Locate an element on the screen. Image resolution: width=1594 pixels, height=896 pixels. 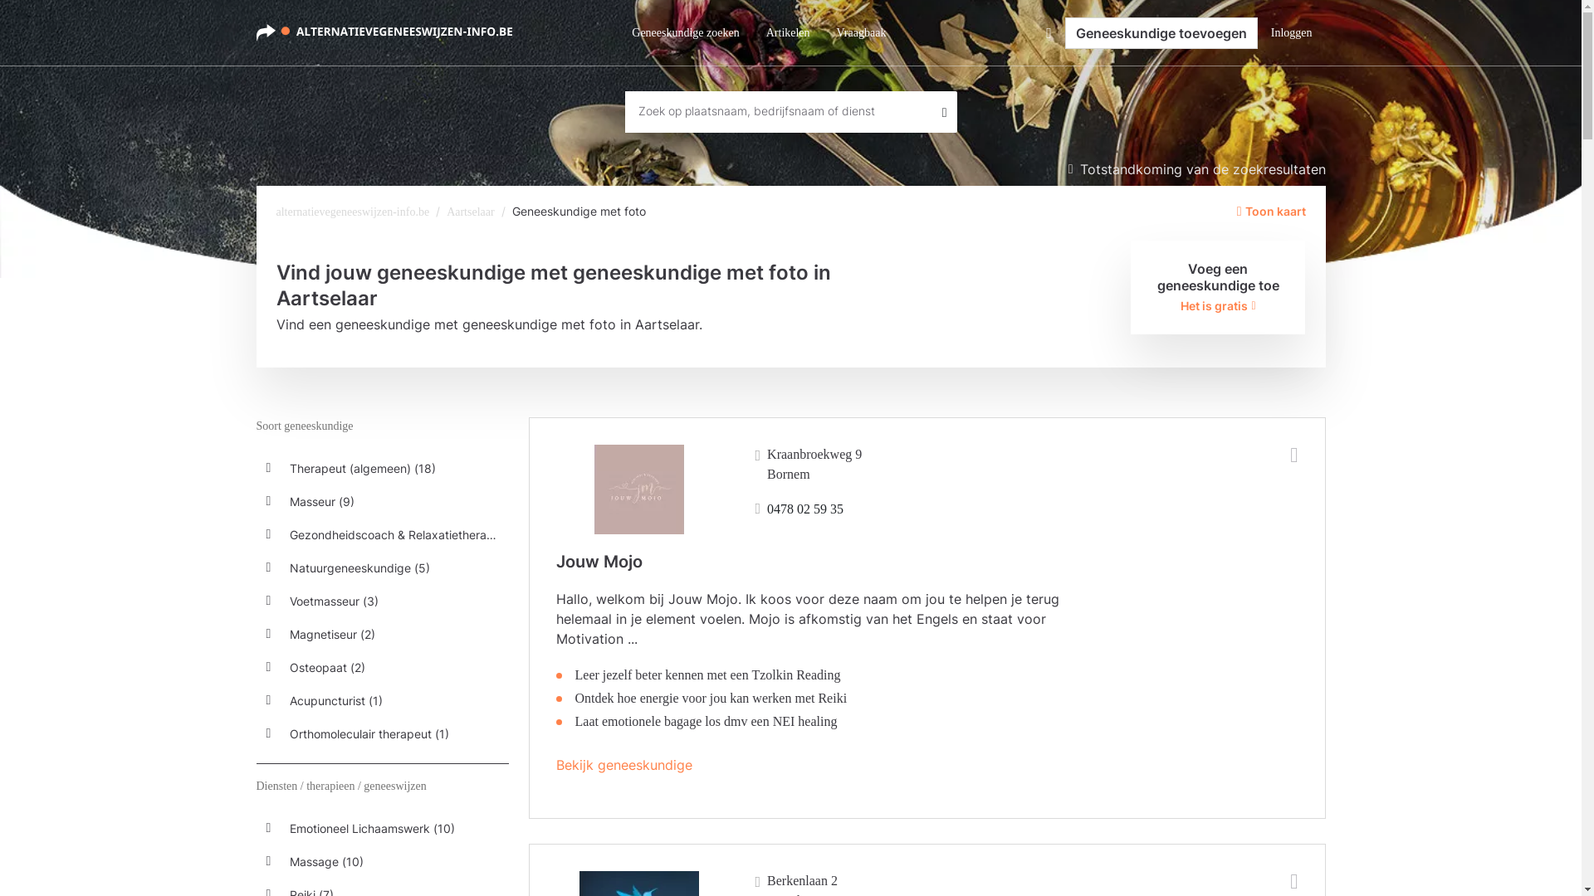
'Acupuncturist (1)' is located at coordinates (381, 700).